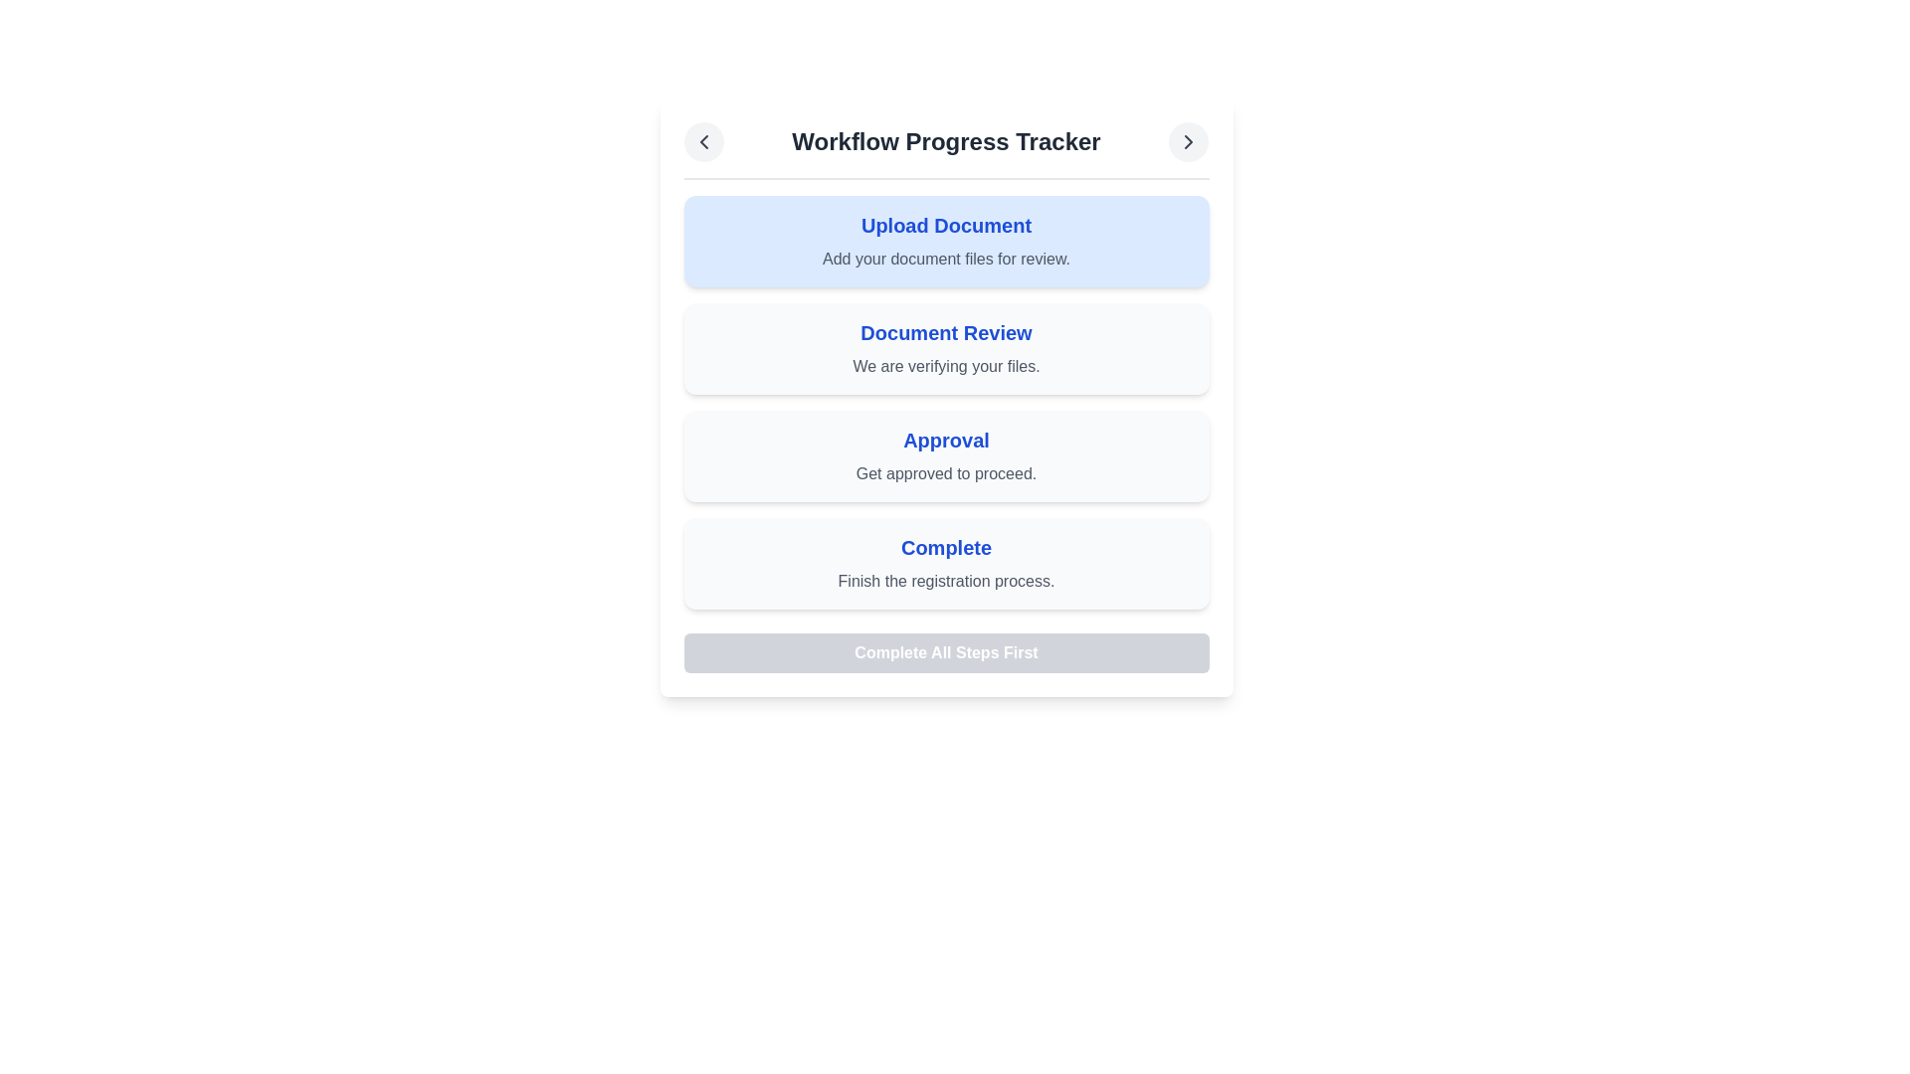 This screenshot has width=1910, height=1074. Describe the element at coordinates (945, 367) in the screenshot. I see `status information from the text label that contains 'We are verifying your files.' positioned centrally below the title 'Document Review' in a gray box` at that location.